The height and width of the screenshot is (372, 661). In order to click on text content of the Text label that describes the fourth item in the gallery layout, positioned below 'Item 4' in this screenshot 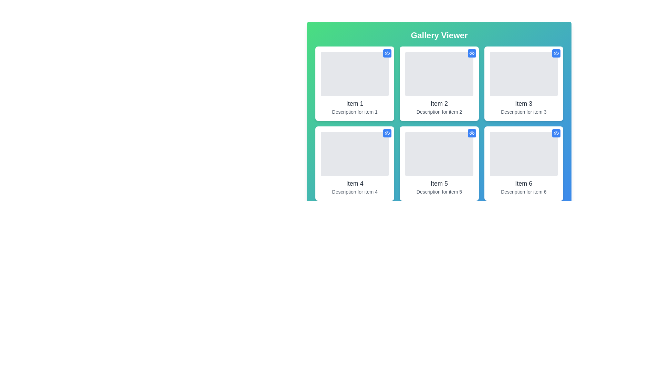, I will do `click(355, 192)`.